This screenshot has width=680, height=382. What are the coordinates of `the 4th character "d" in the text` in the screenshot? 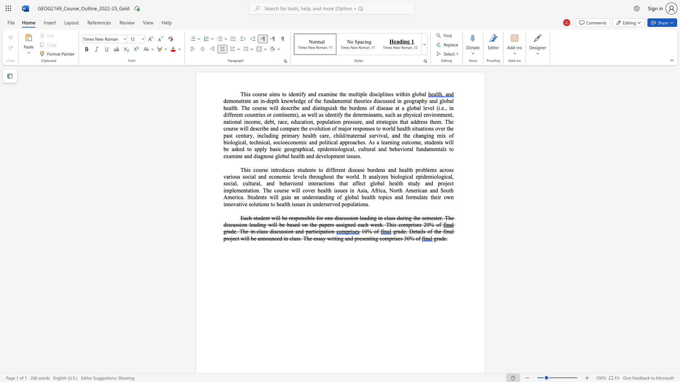 It's located at (270, 135).